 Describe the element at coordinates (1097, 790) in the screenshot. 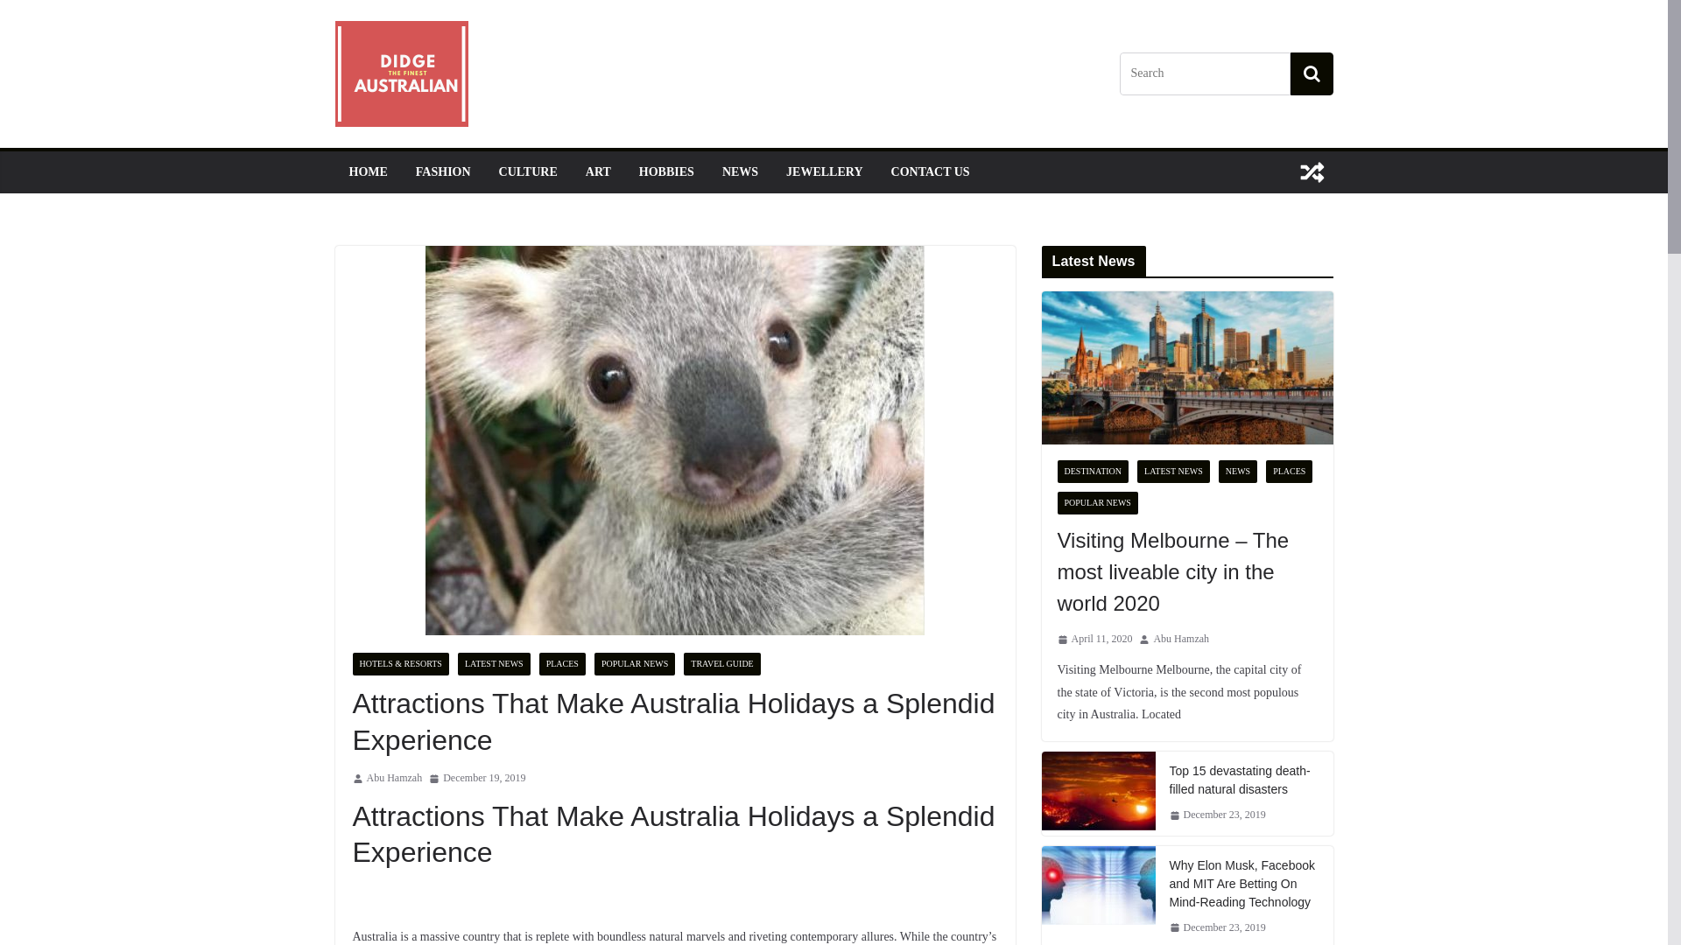

I see `'Top 15 devastating death-filled natural disasters'` at that location.